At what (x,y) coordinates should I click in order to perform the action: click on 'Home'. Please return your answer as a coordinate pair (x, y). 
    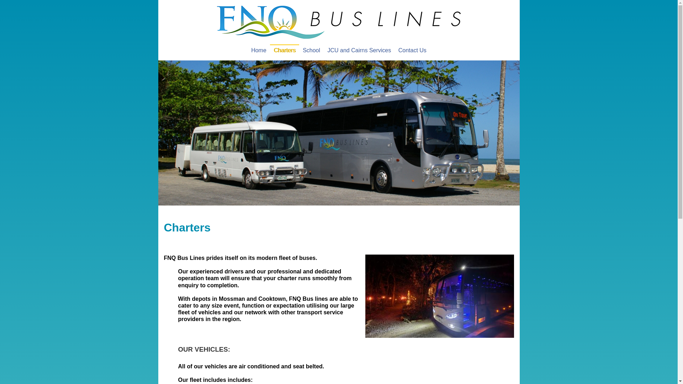
    Looking at the image, I should click on (258, 50).